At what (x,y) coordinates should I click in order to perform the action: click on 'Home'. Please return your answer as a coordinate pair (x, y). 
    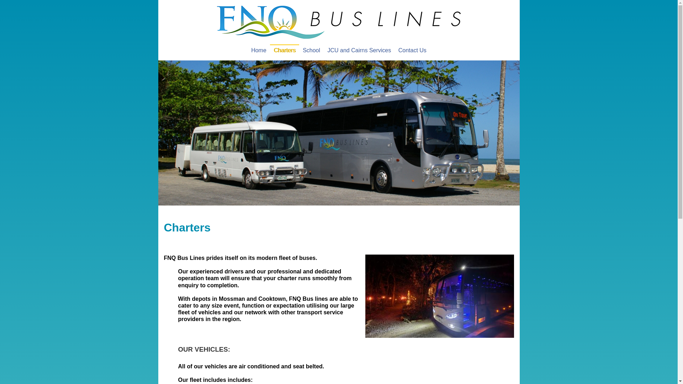
    Looking at the image, I should click on (258, 50).